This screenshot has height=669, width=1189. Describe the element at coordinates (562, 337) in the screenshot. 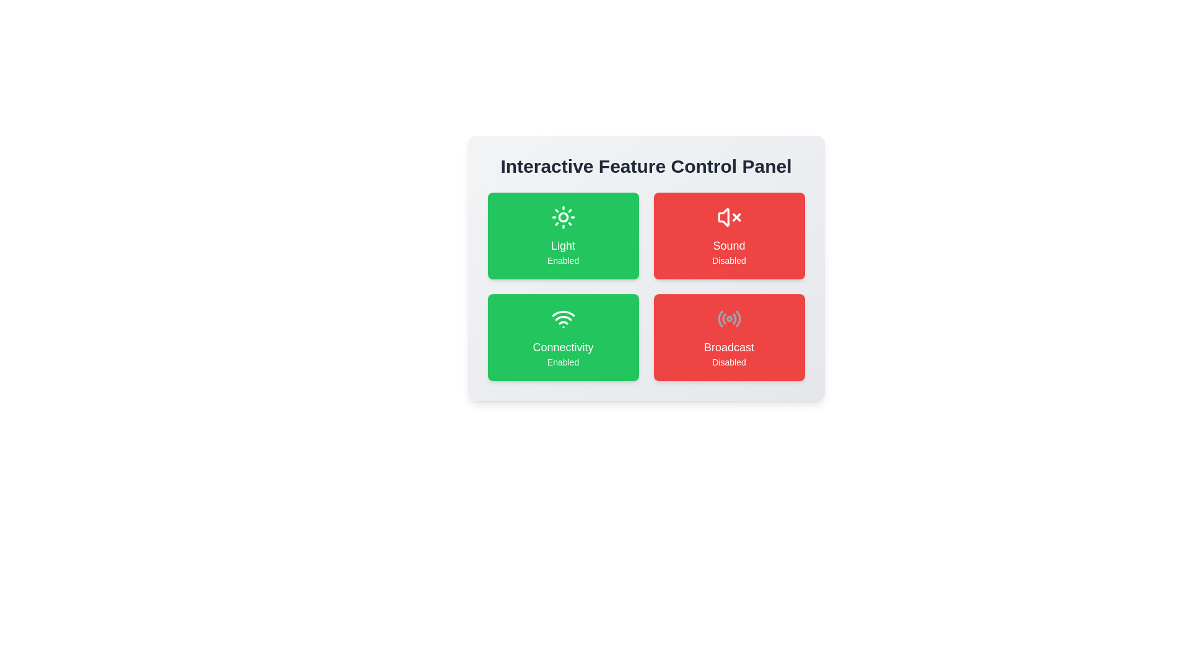

I see `the feature card for Connectivity to observe the hover effect` at that location.